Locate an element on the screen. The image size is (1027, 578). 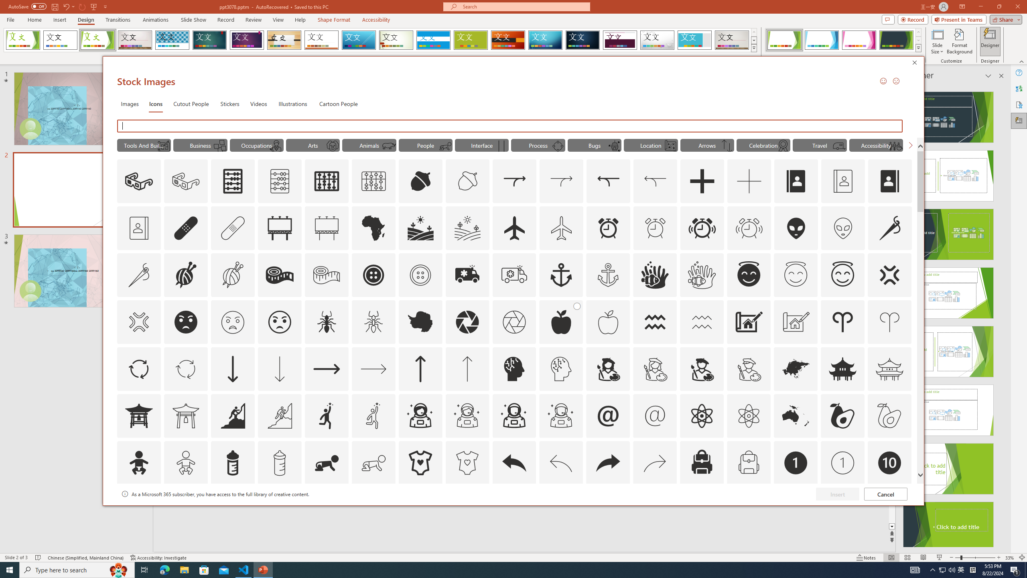
'AutomationID: Icons_Abacus1' is located at coordinates (327, 181).